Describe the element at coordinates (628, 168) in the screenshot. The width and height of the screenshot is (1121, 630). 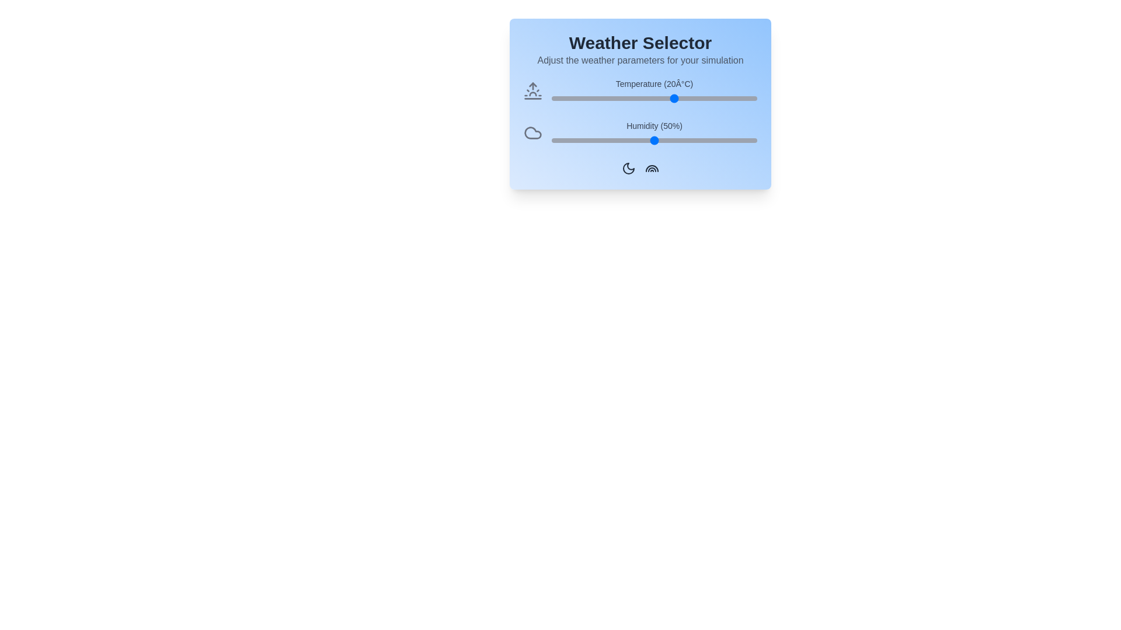
I see `the moon icon in the footer` at that location.